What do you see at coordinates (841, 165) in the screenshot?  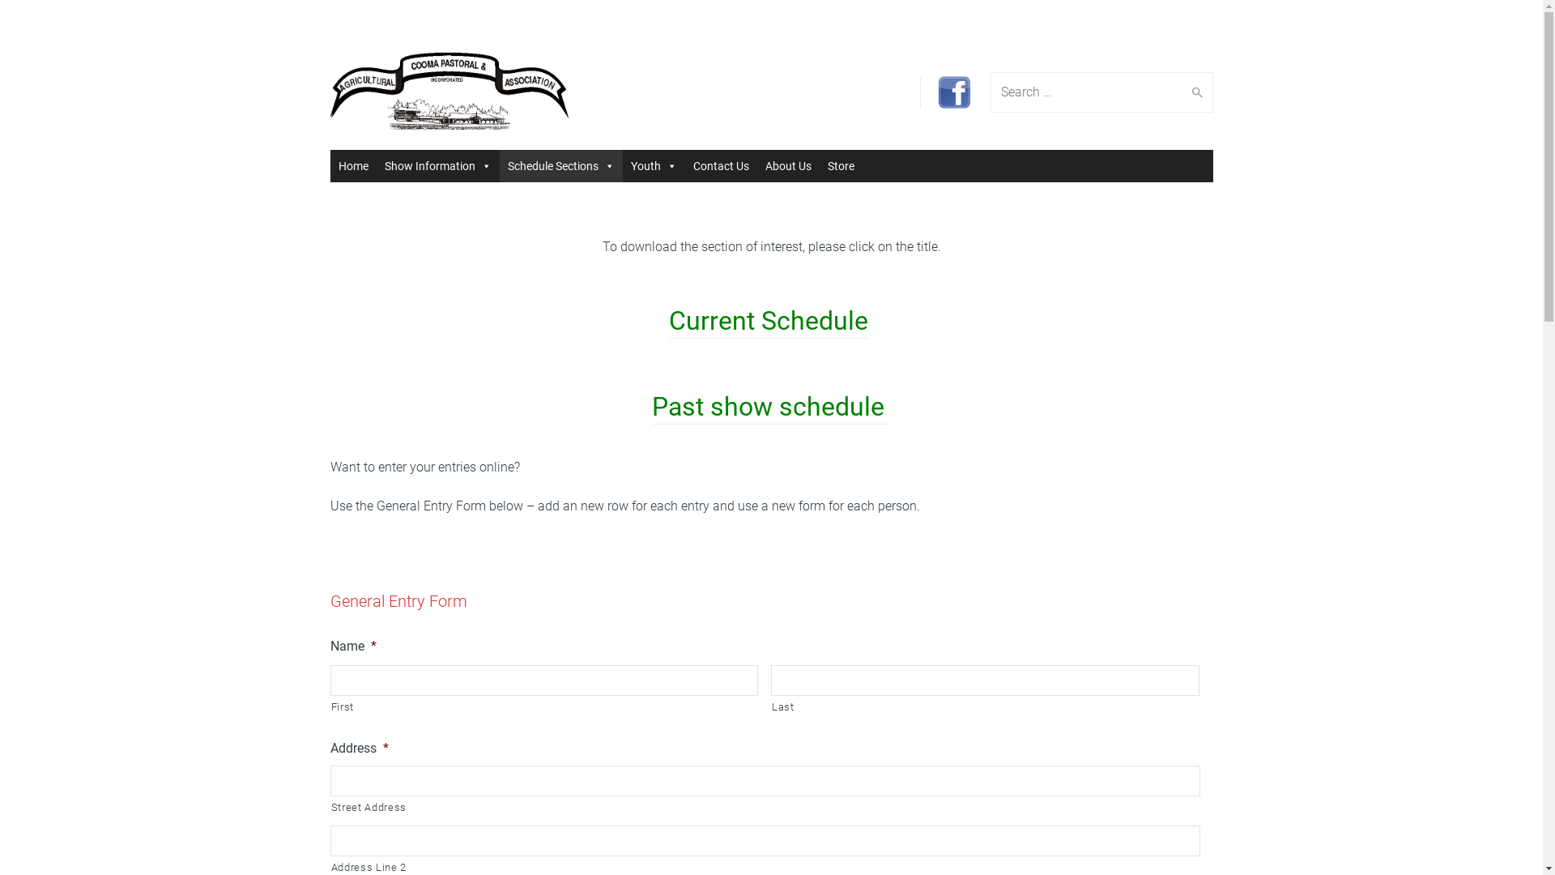 I see `'Store'` at bounding box center [841, 165].